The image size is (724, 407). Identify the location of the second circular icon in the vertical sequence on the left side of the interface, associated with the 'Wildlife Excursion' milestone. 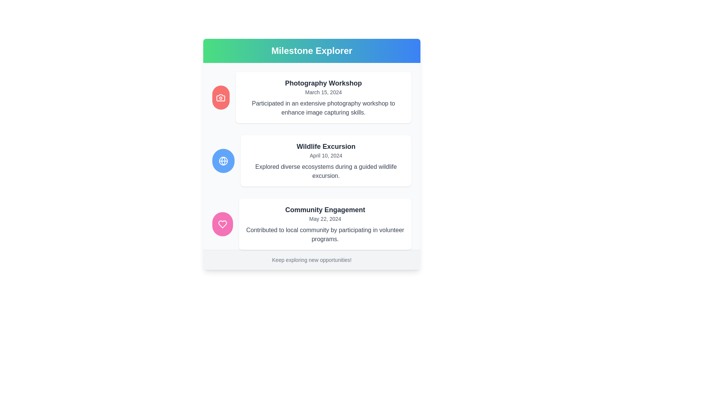
(223, 161).